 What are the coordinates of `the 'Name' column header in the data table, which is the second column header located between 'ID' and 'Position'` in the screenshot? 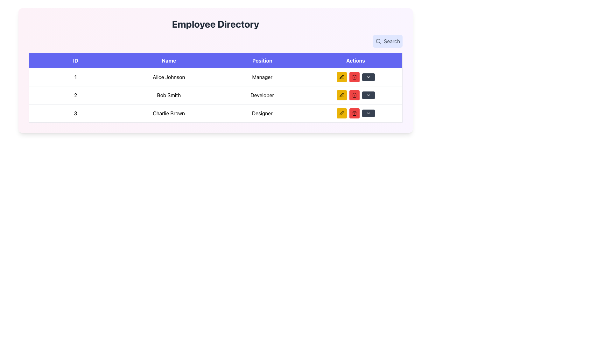 It's located at (169, 60).